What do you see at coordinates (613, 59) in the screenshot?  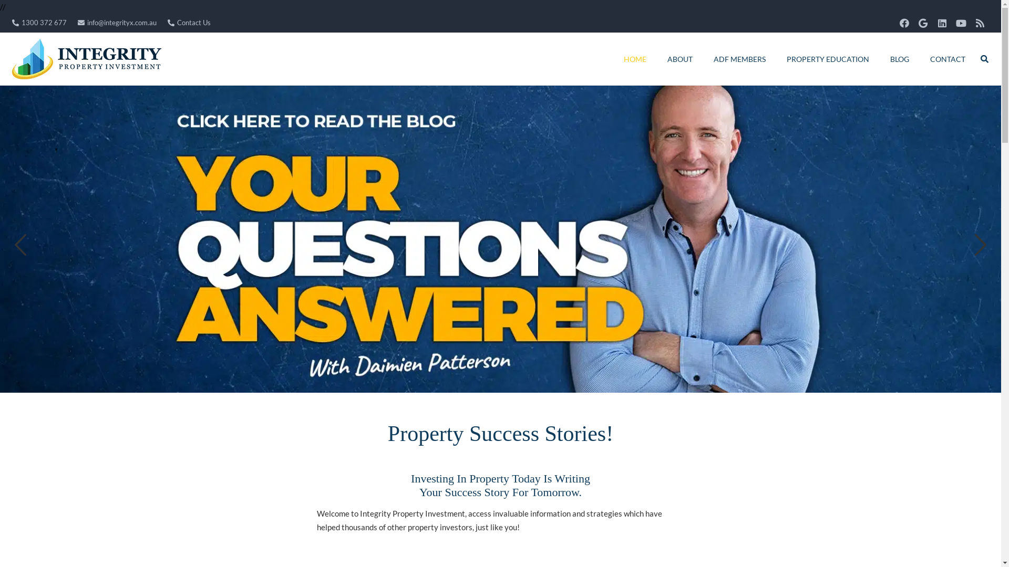 I see `'HOME'` at bounding box center [613, 59].